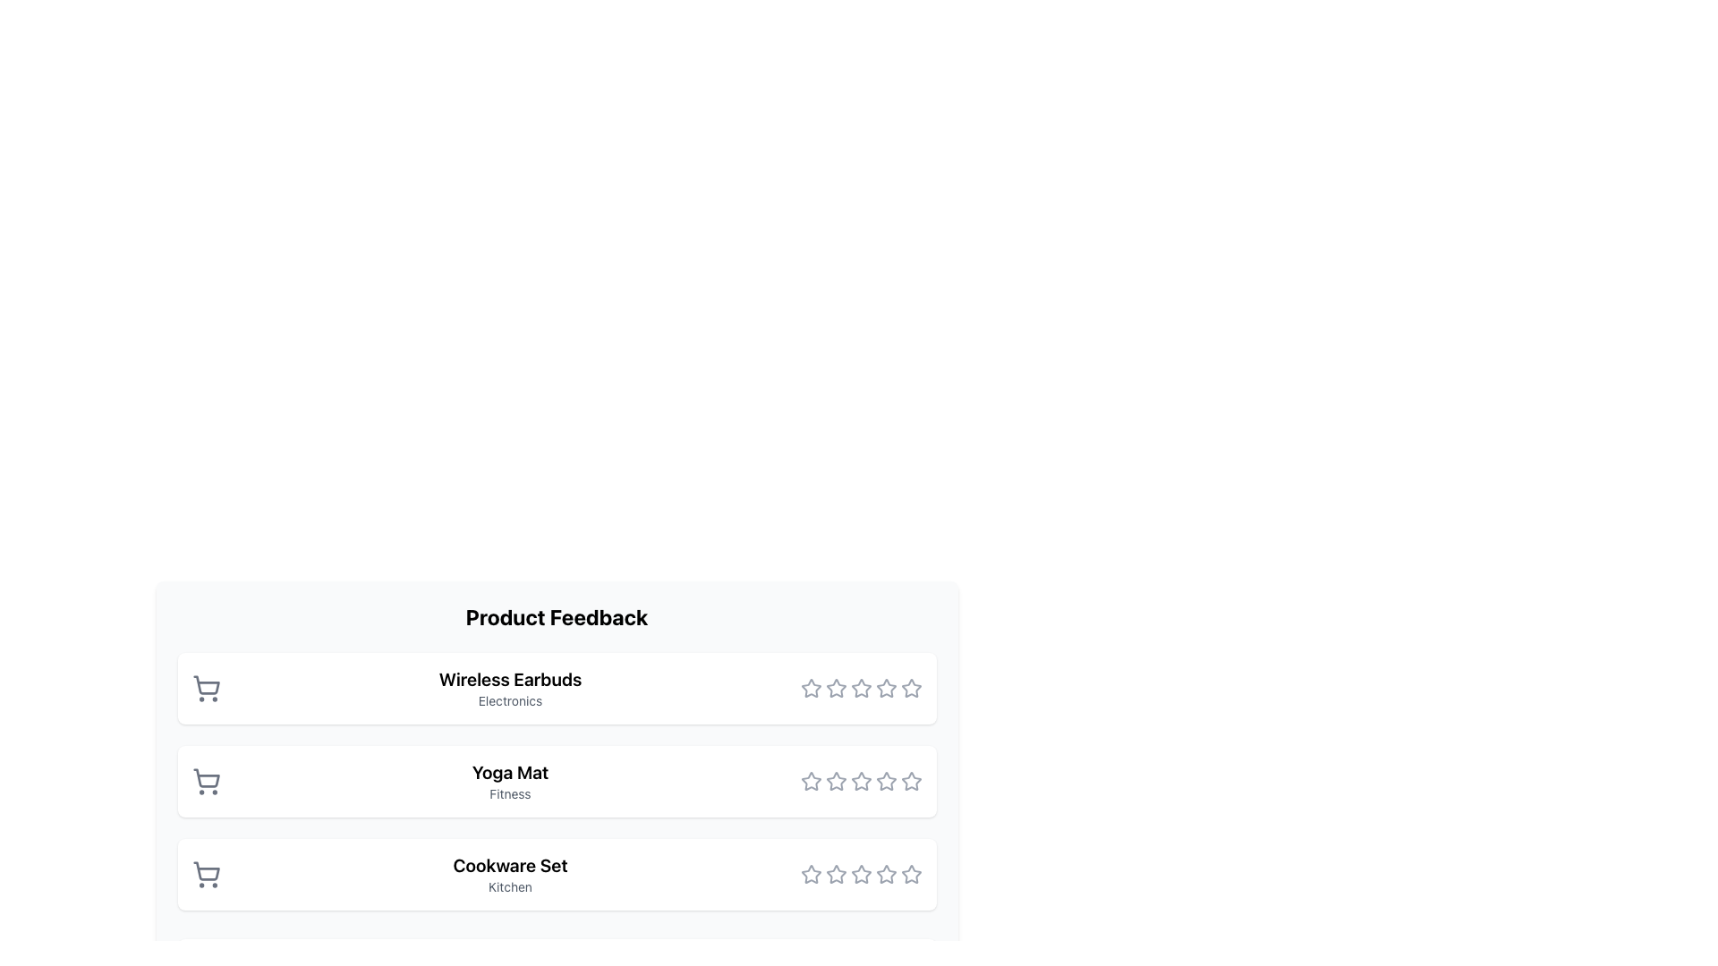 The height and width of the screenshot is (966, 1718). I want to click on the text label displaying 'Wireless Earbuds' in the 'Product Feedback' section, which is the main title for the first entry in the vertical list, so click(509, 679).